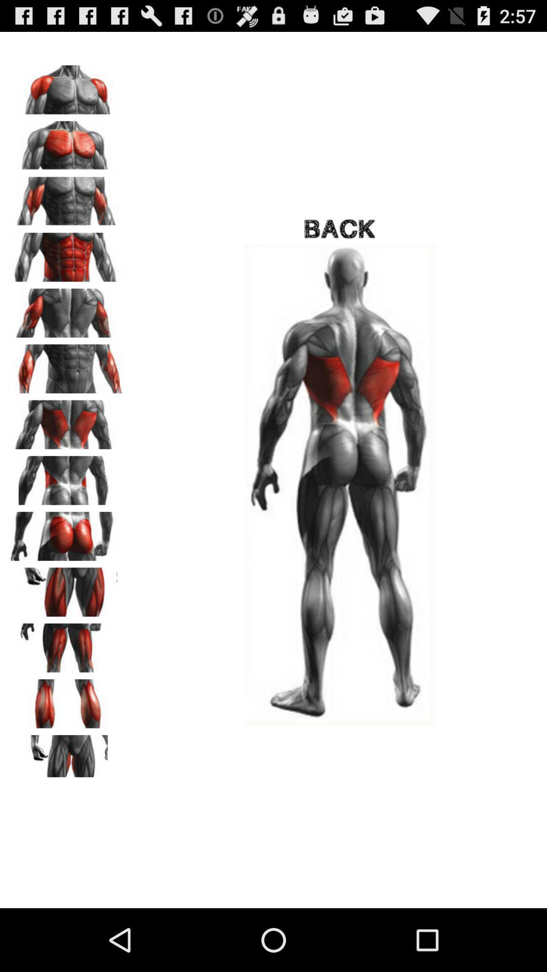  What do you see at coordinates (66, 141) in the screenshot?
I see `front chest muscle` at bounding box center [66, 141].